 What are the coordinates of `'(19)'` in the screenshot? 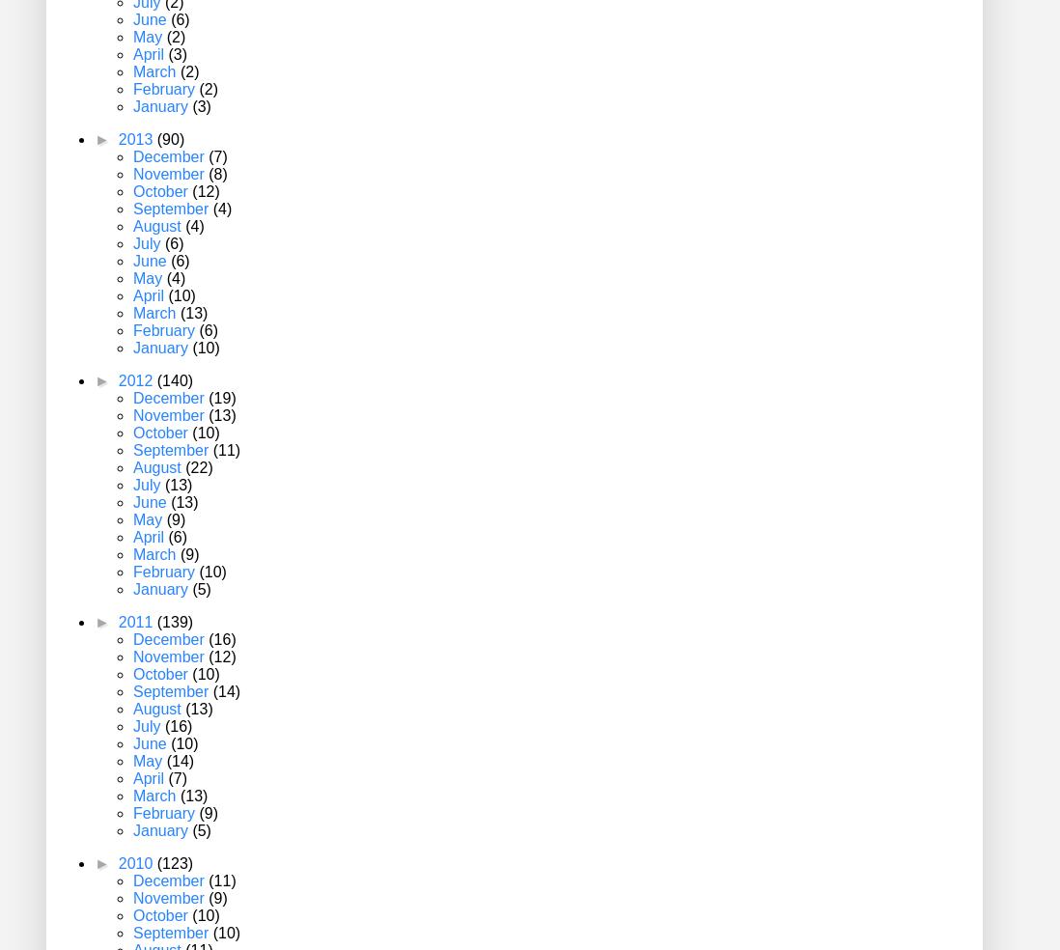 It's located at (221, 398).